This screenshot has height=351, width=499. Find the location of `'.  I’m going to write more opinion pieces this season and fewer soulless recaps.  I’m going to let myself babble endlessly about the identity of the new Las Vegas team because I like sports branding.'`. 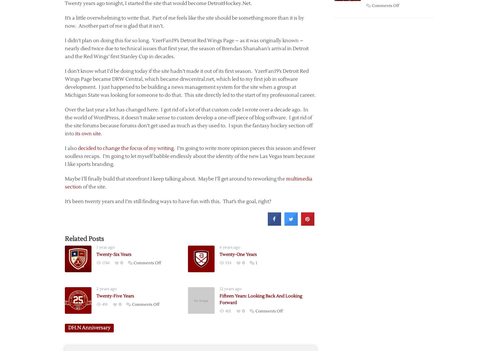

'.  I’m going to write more opinion pieces this season and fewer soulless recaps.  I’m going to let myself babble endlessly about the identity of the new Las Vegas team because I like sports branding.' is located at coordinates (190, 156).